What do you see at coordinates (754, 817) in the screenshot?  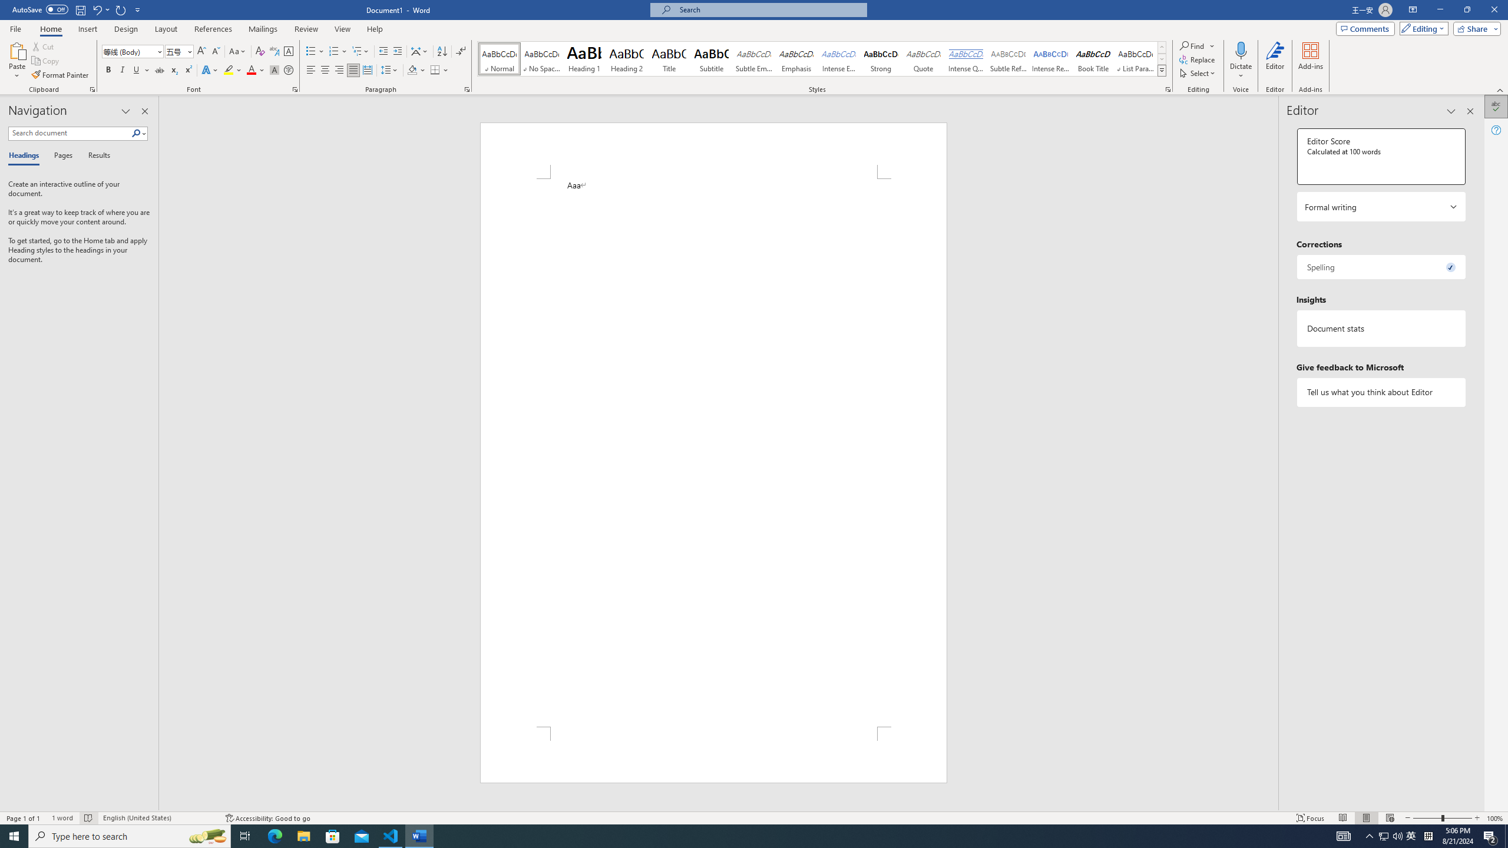 I see `'Class: MsoCommandBar'` at bounding box center [754, 817].